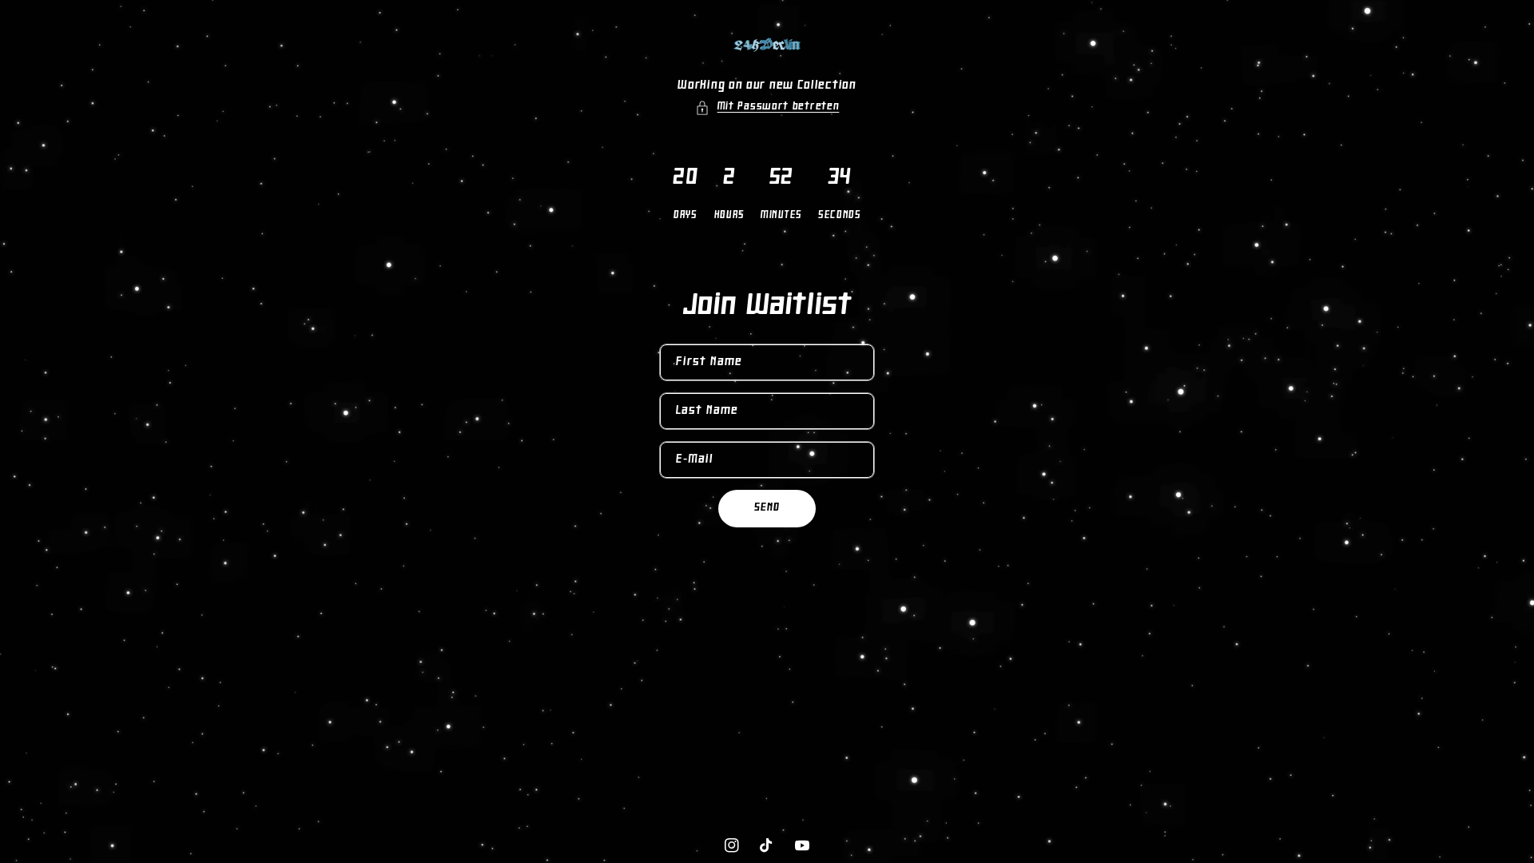 Image resolution: width=1534 pixels, height=863 pixels. What do you see at coordinates (767, 508) in the screenshot?
I see `'SEND'` at bounding box center [767, 508].